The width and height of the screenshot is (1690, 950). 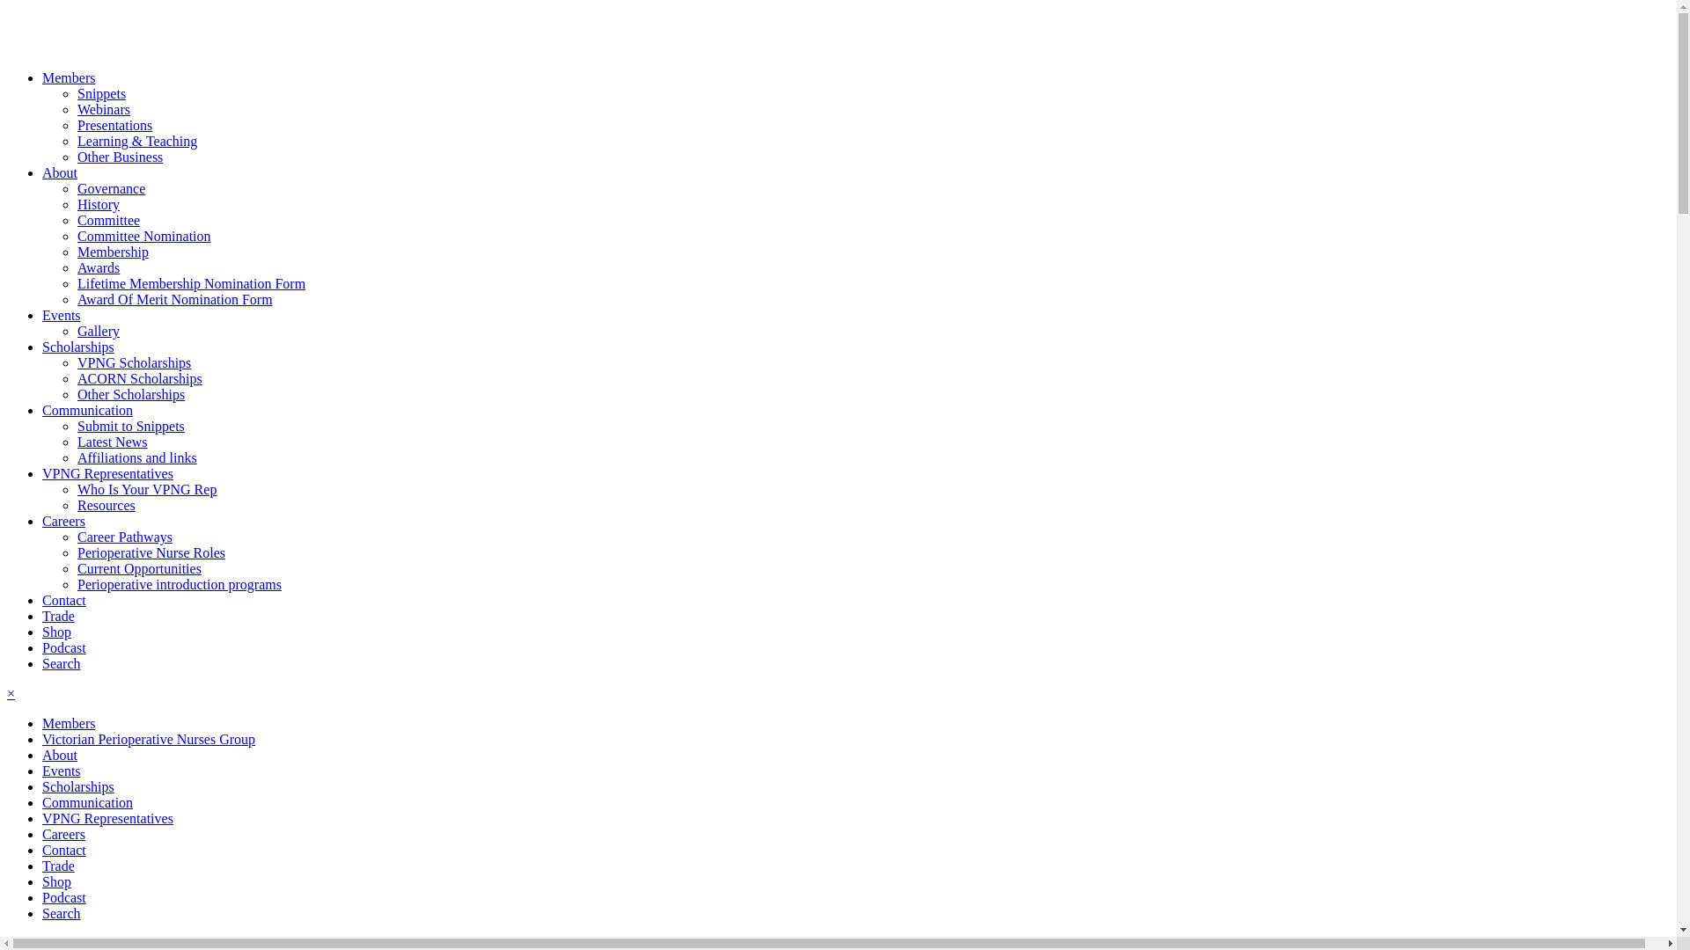 What do you see at coordinates (97, 331) in the screenshot?
I see `'Gallery'` at bounding box center [97, 331].